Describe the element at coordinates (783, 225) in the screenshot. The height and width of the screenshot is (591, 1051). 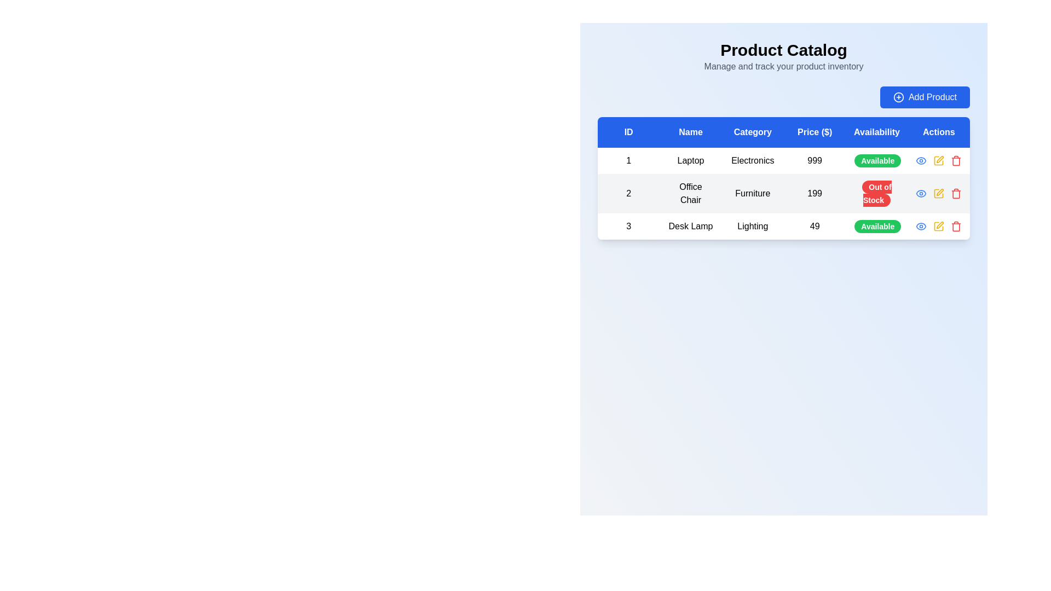
I see `details presented in the third row of the product table, which displays information about the 'Desk Lamp'` at that location.